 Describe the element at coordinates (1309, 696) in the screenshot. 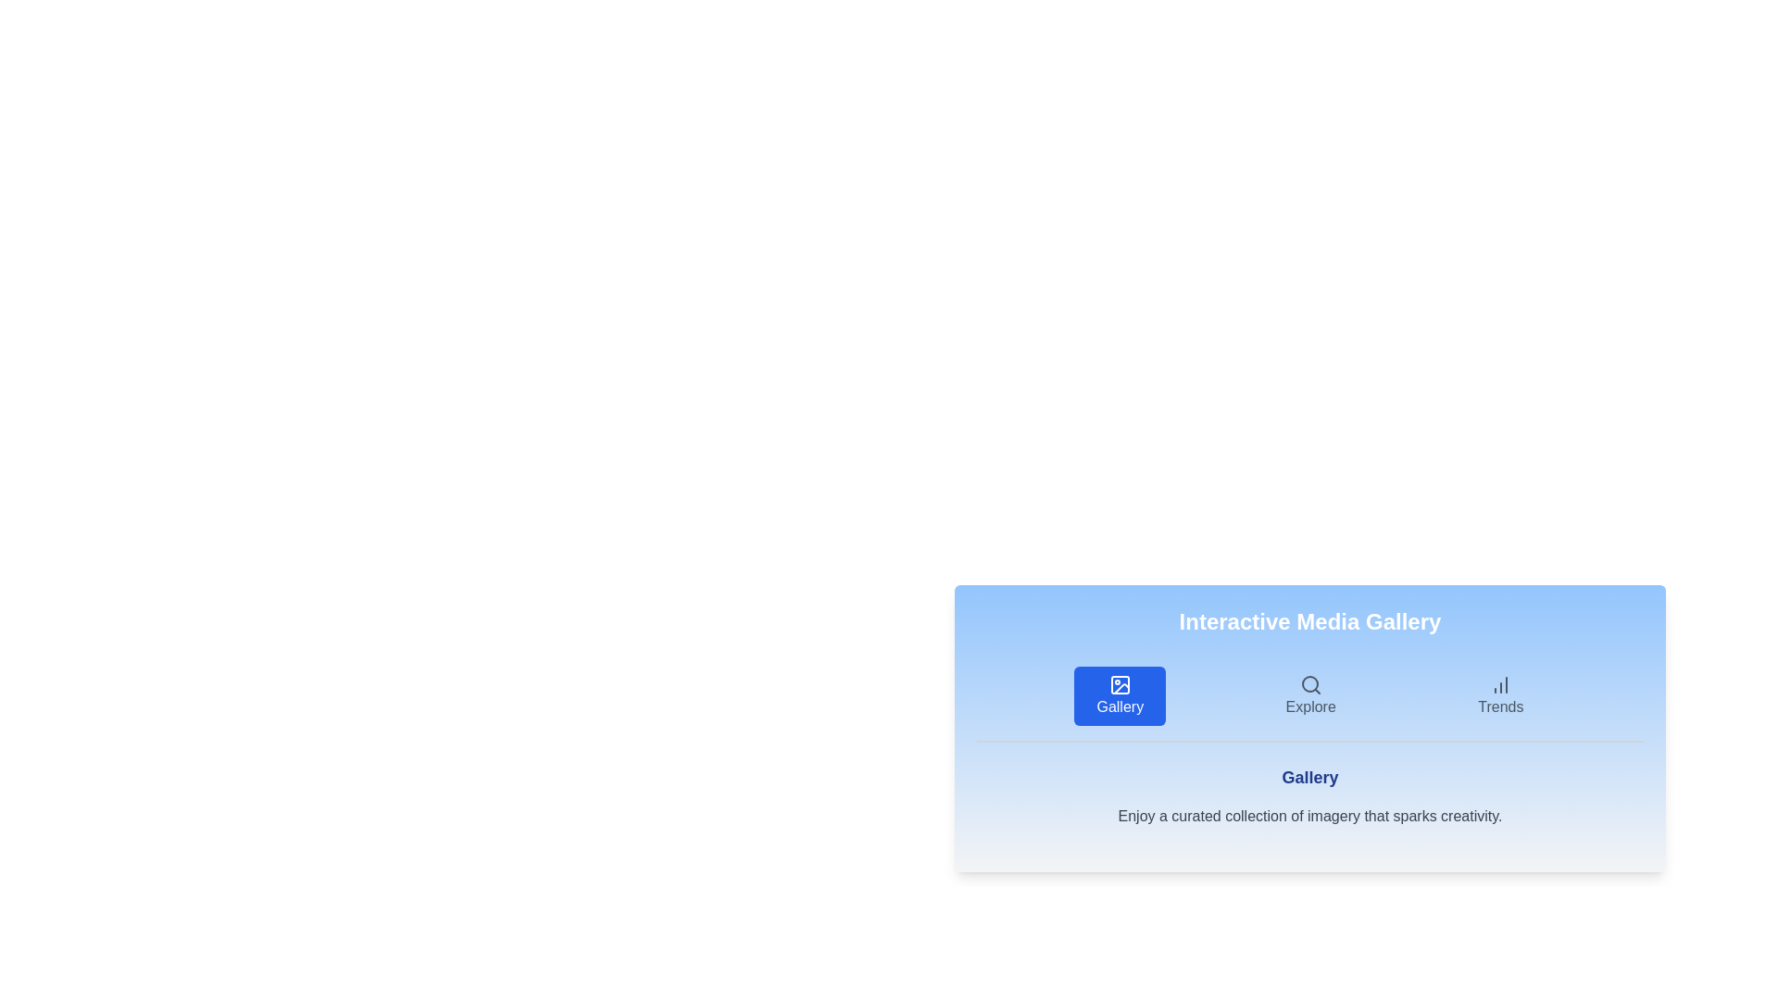

I see `the tab labeled Explore to observe visual changes` at that location.